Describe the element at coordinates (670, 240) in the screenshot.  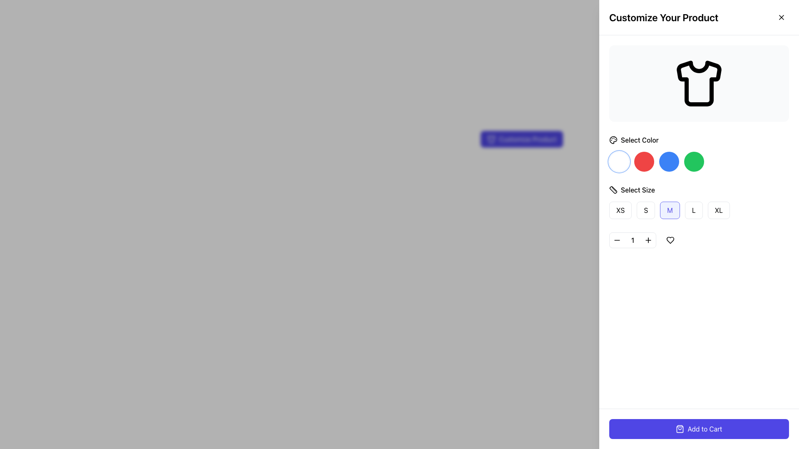
I see `the heart-shaped icon located to the right of the quantity adjustment buttons in the 'Customize Your Product' modal` at that location.